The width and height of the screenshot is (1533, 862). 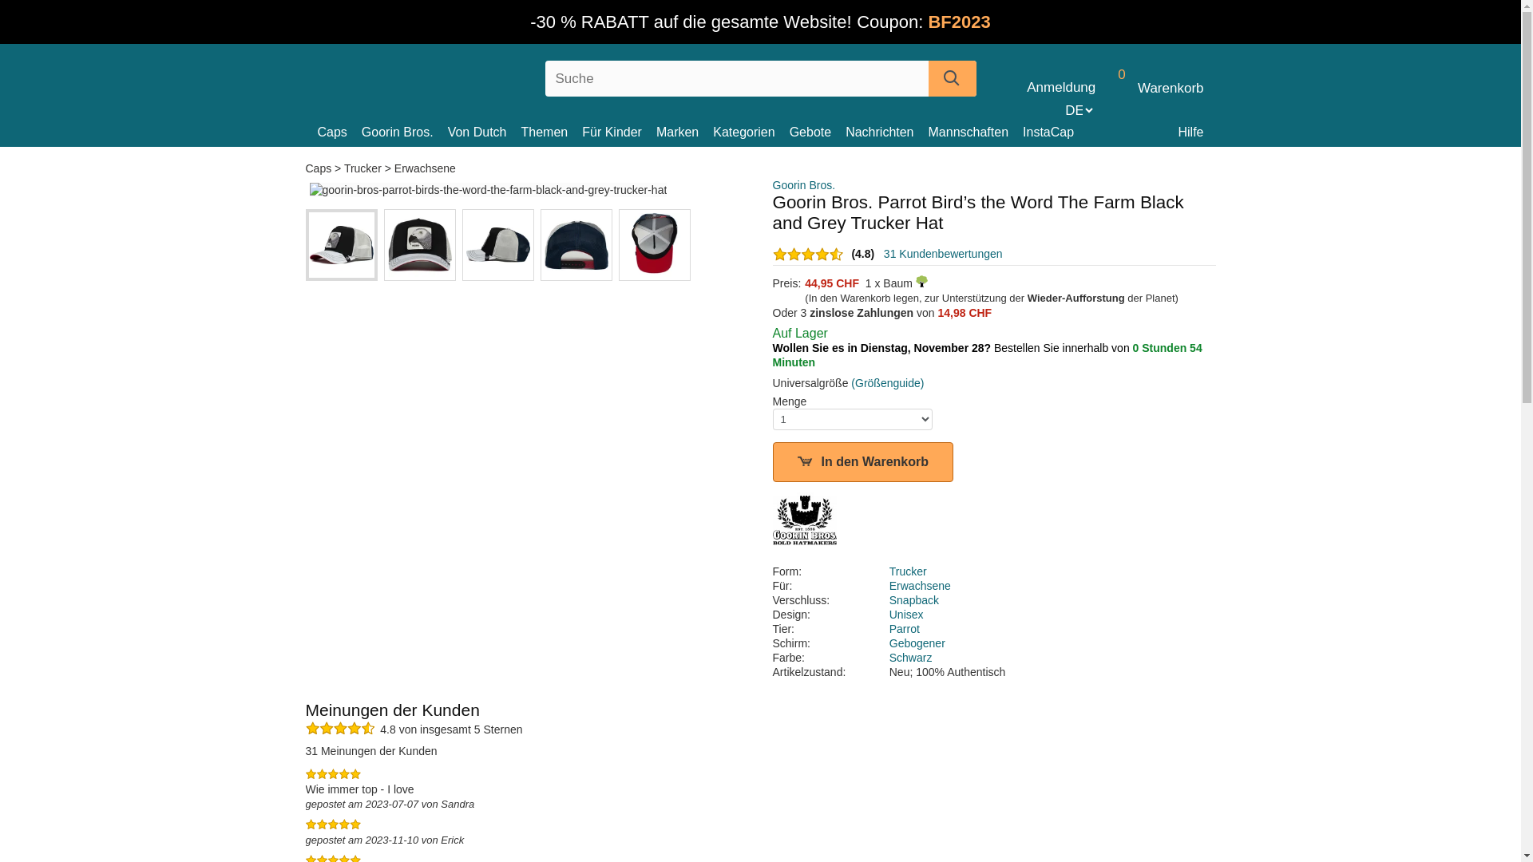 What do you see at coordinates (975, 131) in the screenshot?
I see `'Mannschaften'` at bounding box center [975, 131].